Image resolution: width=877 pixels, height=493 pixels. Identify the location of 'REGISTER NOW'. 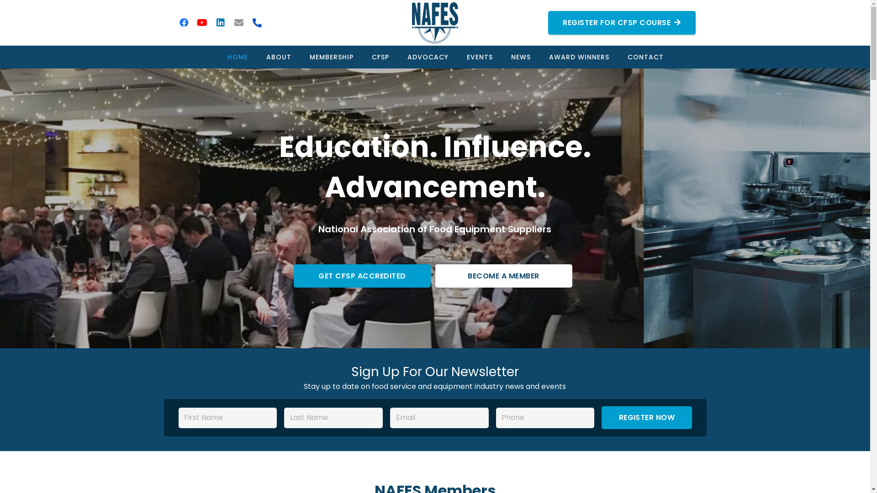
(646, 417).